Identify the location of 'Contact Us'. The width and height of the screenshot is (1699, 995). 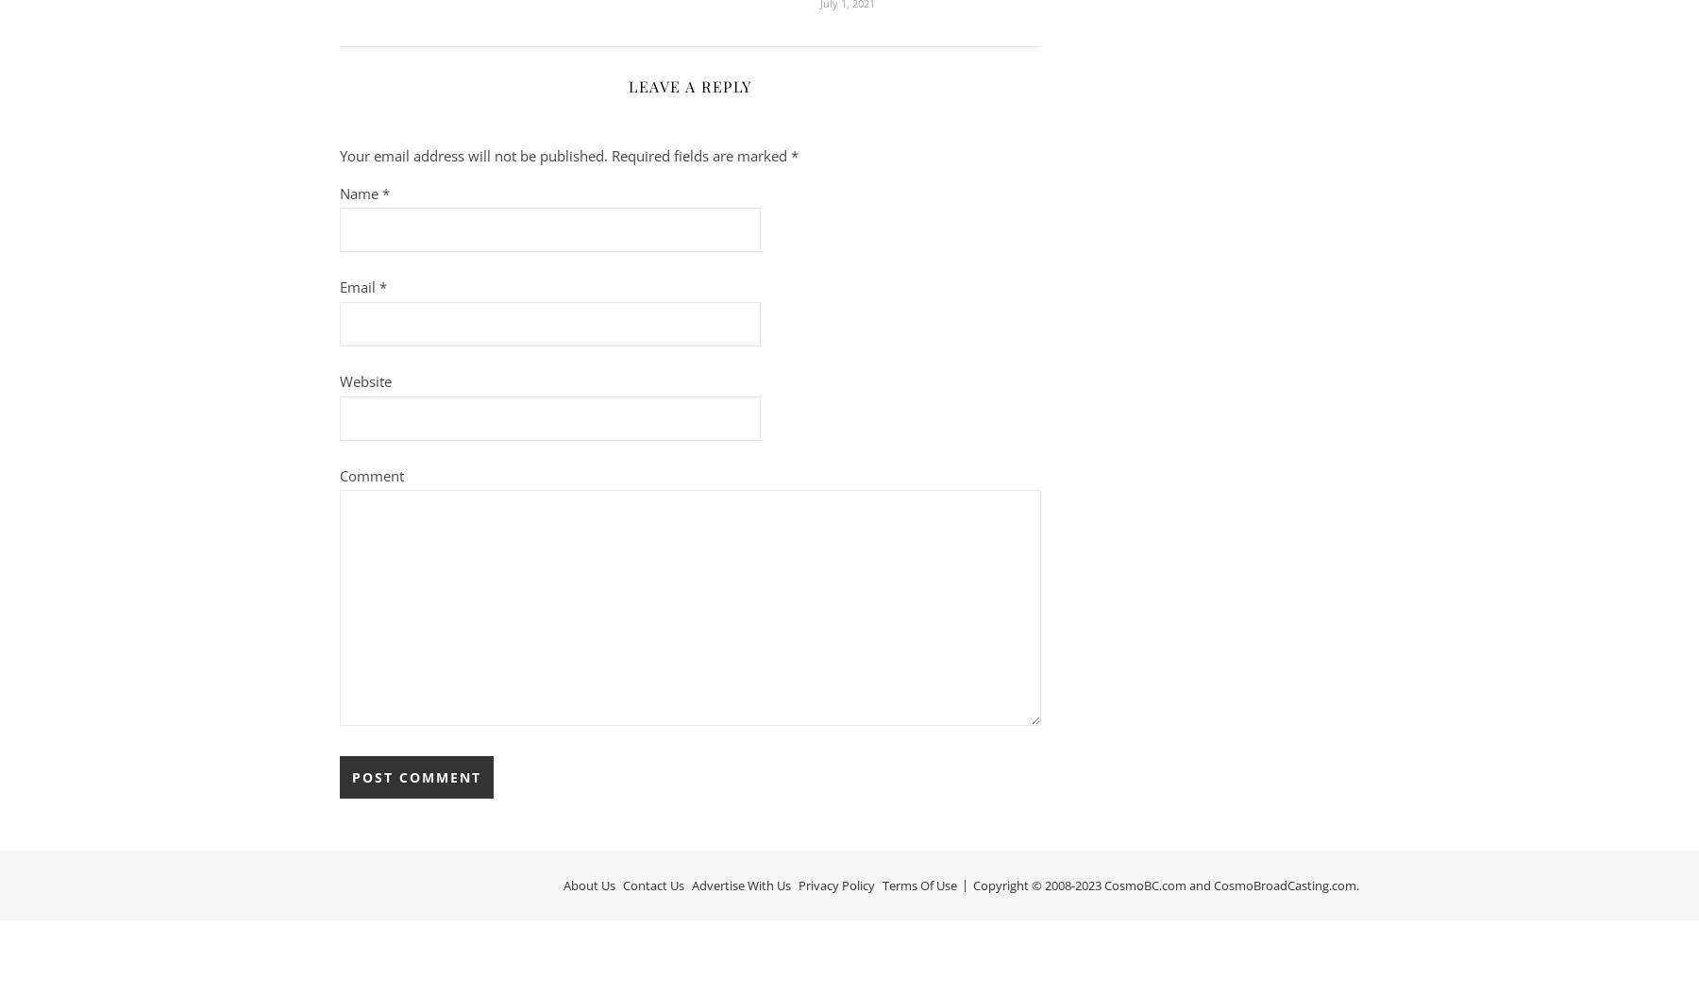
(623, 884).